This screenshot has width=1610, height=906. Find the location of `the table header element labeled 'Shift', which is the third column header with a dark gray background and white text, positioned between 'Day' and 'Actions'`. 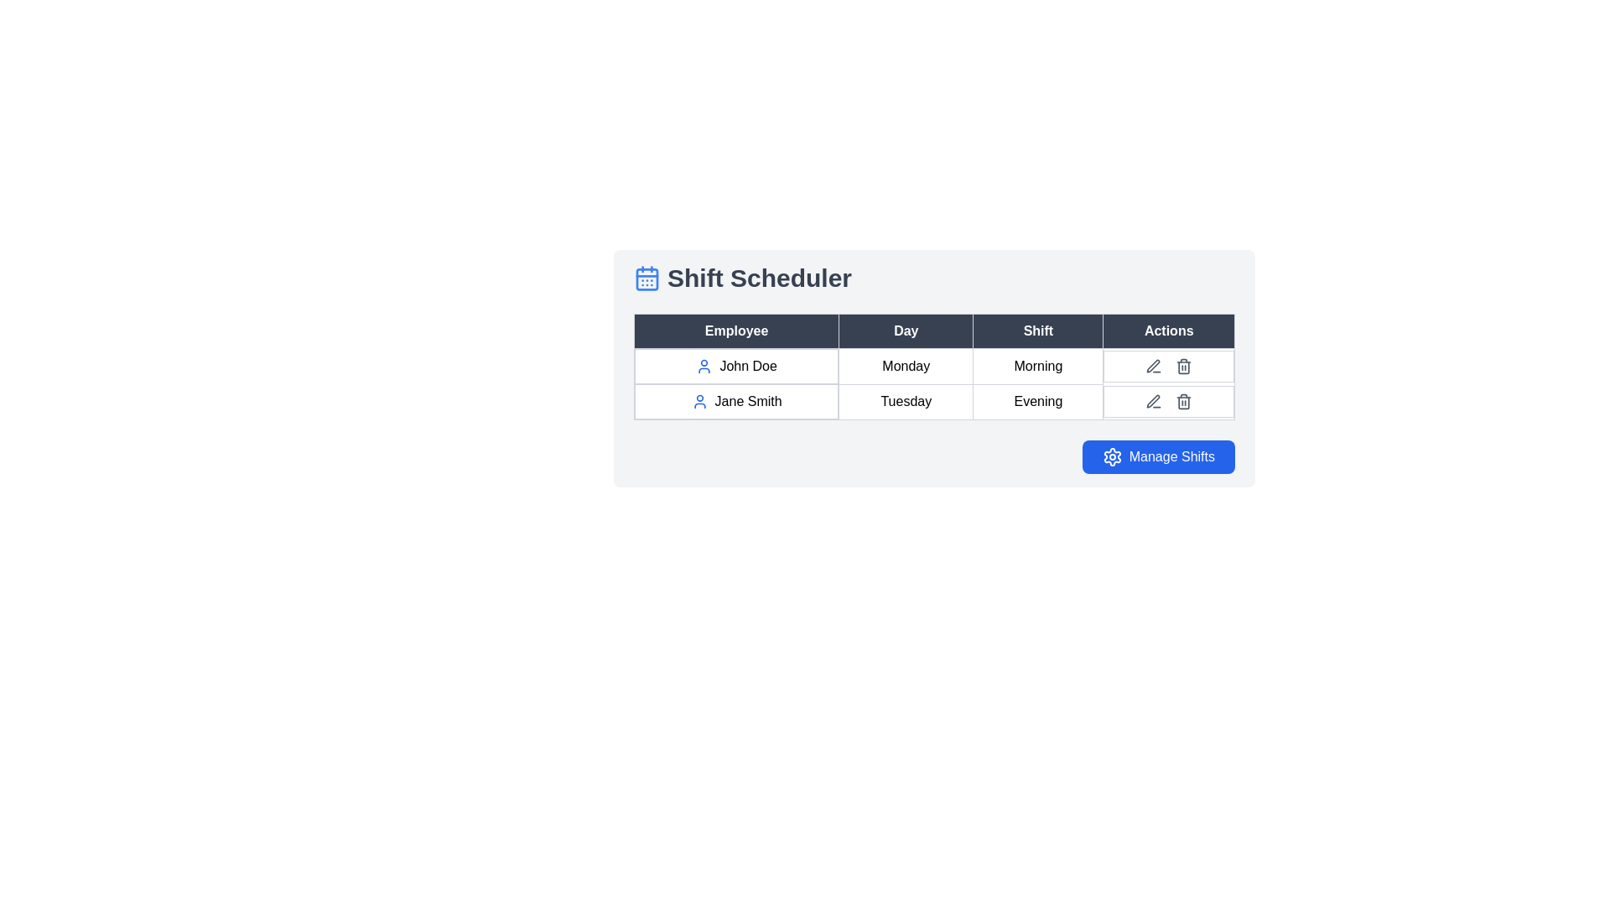

the table header element labeled 'Shift', which is the third column header with a dark gray background and white text, positioned between 'Day' and 'Actions' is located at coordinates (1037, 331).